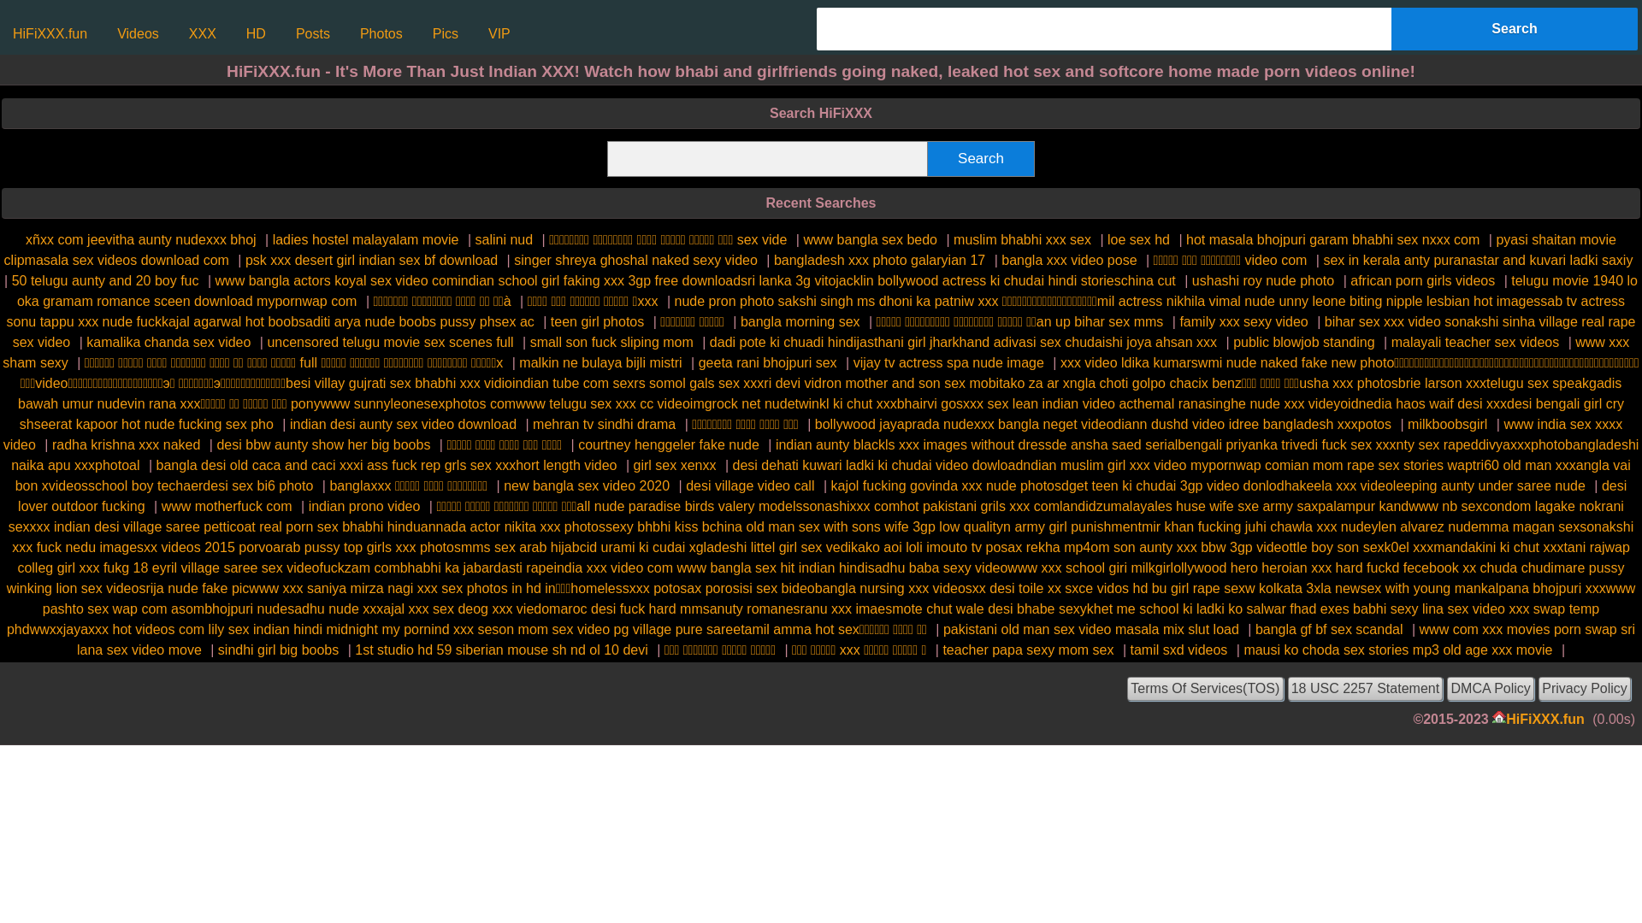 Image resolution: width=1642 pixels, height=923 pixels. Describe the element at coordinates (446, 33) in the screenshot. I see `'Pics'` at that location.